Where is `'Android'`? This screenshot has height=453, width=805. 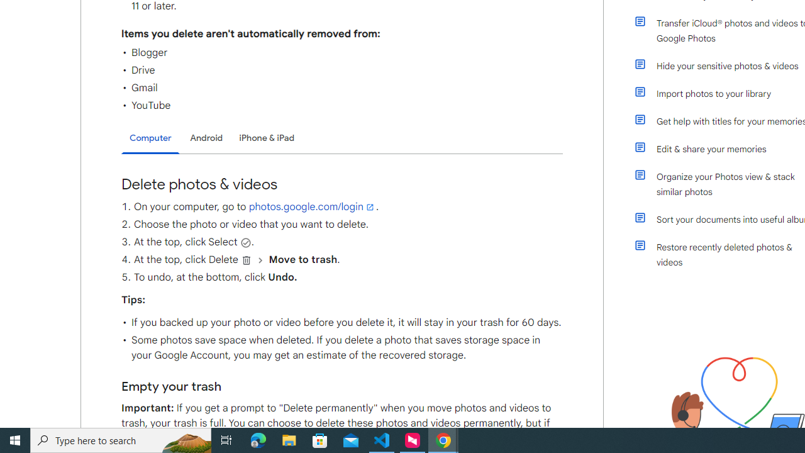
'Android' is located at coordinates (206, 138).